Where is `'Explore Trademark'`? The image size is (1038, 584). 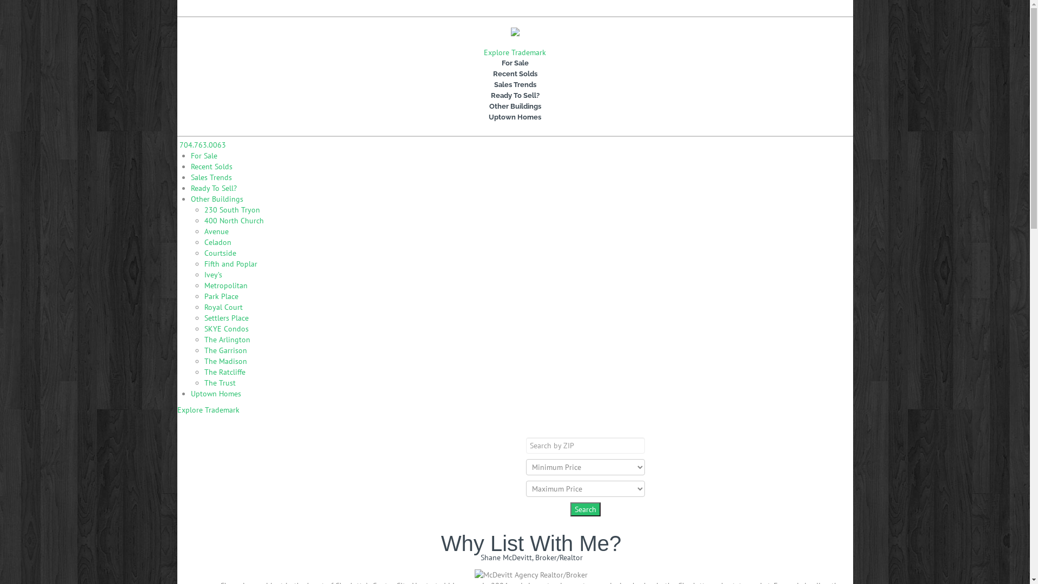
'Explore Trademark' is located at coordinates (514, 52).